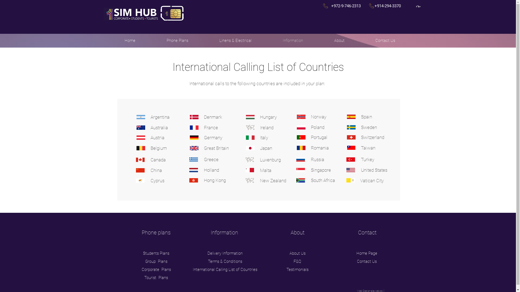 The height and width of the screenshot is (292, 520). What do you see at coordinates (225, 261) in the screenshot?
I see `'Terms & Conditions'` at bounding box center [225, 261].